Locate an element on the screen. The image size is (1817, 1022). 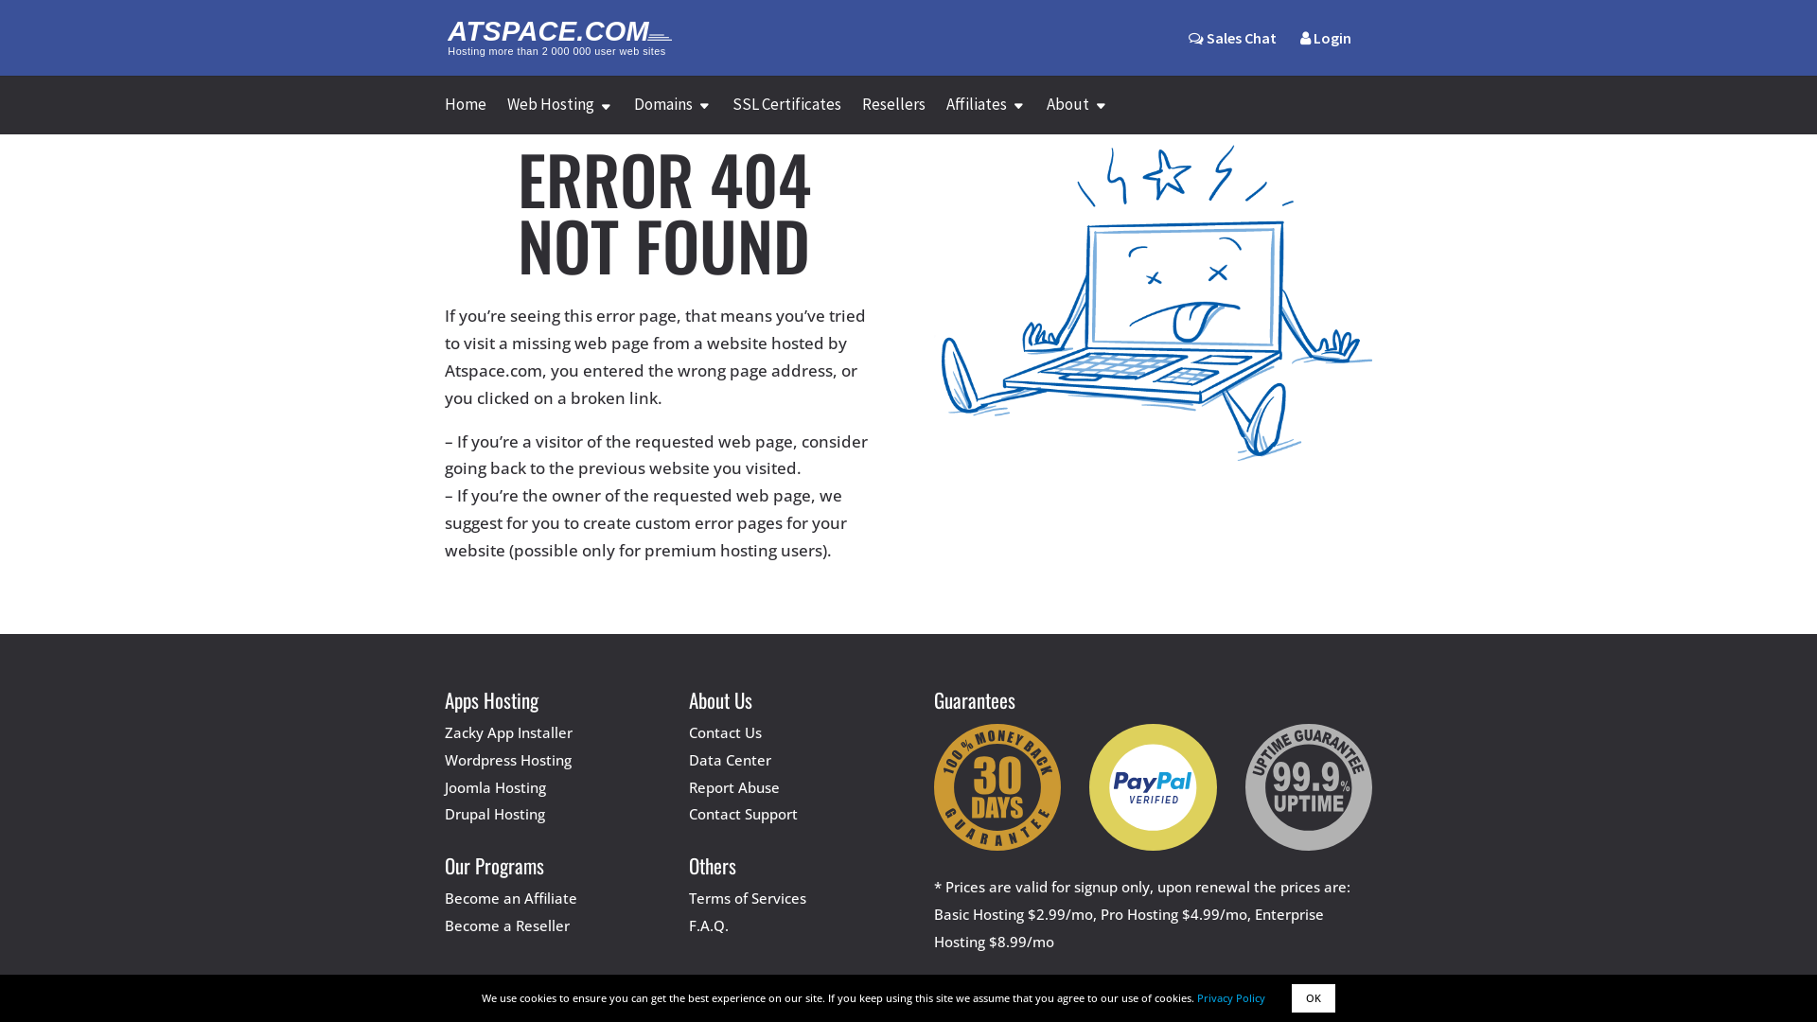
'Become a Reseller' is located at coordinates (507, 925).